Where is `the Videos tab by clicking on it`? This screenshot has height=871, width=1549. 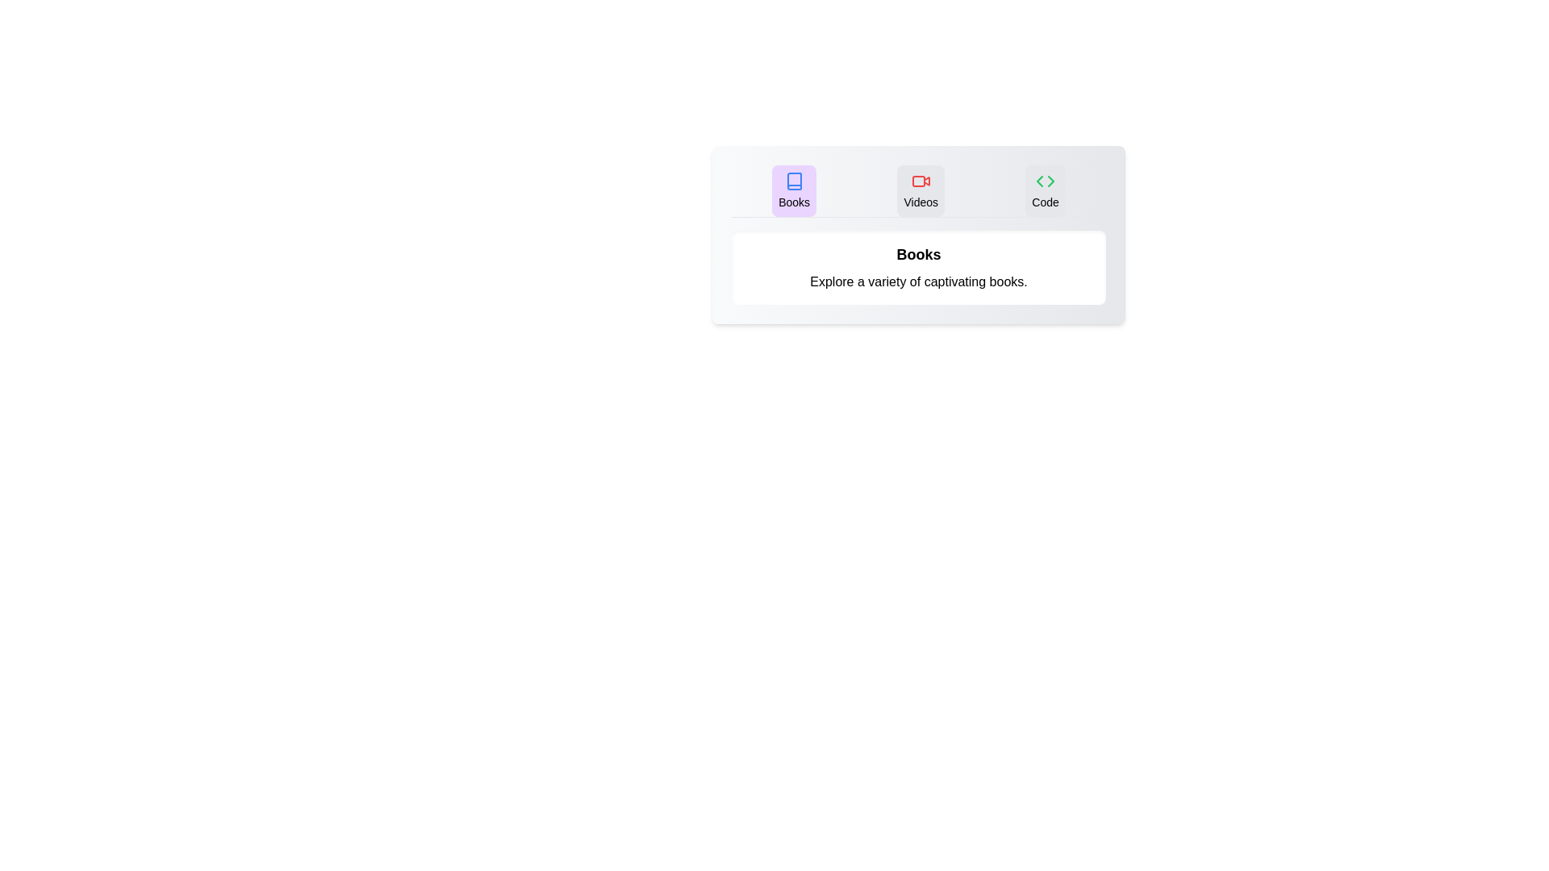 the Videos tab by clicking on it is located at coordinates (921, 190).